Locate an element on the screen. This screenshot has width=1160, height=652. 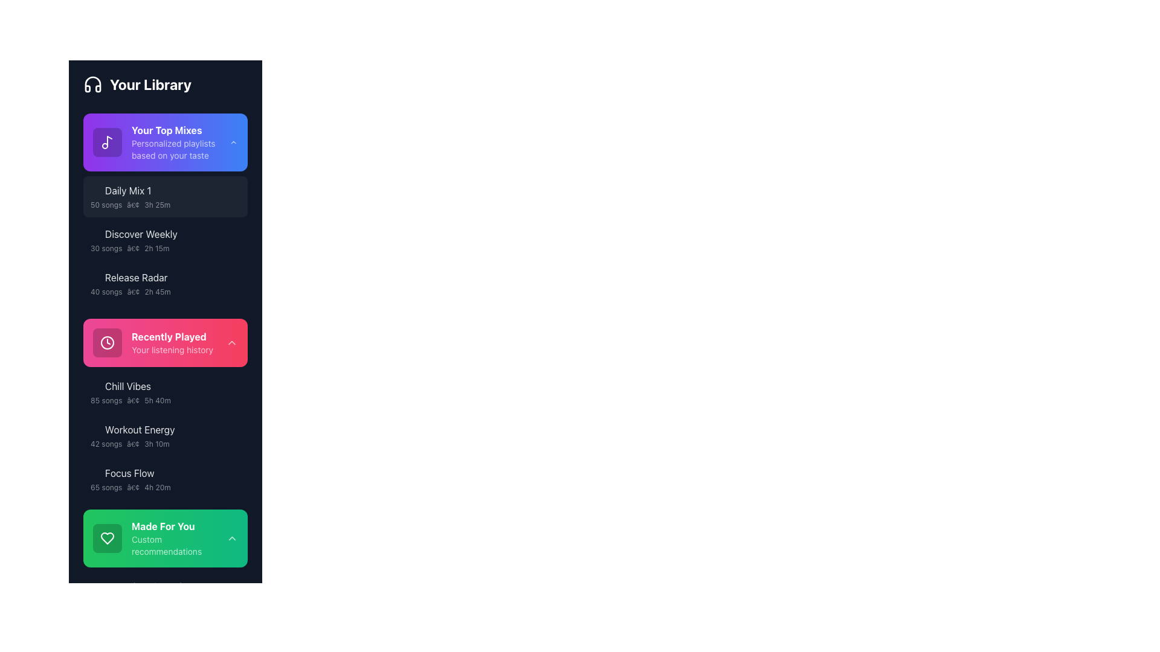
the text separator bullet symbol located between '50 songs' and '3h 25m', which is visually represented as a small circular dot is located at coordinates (133, 204).